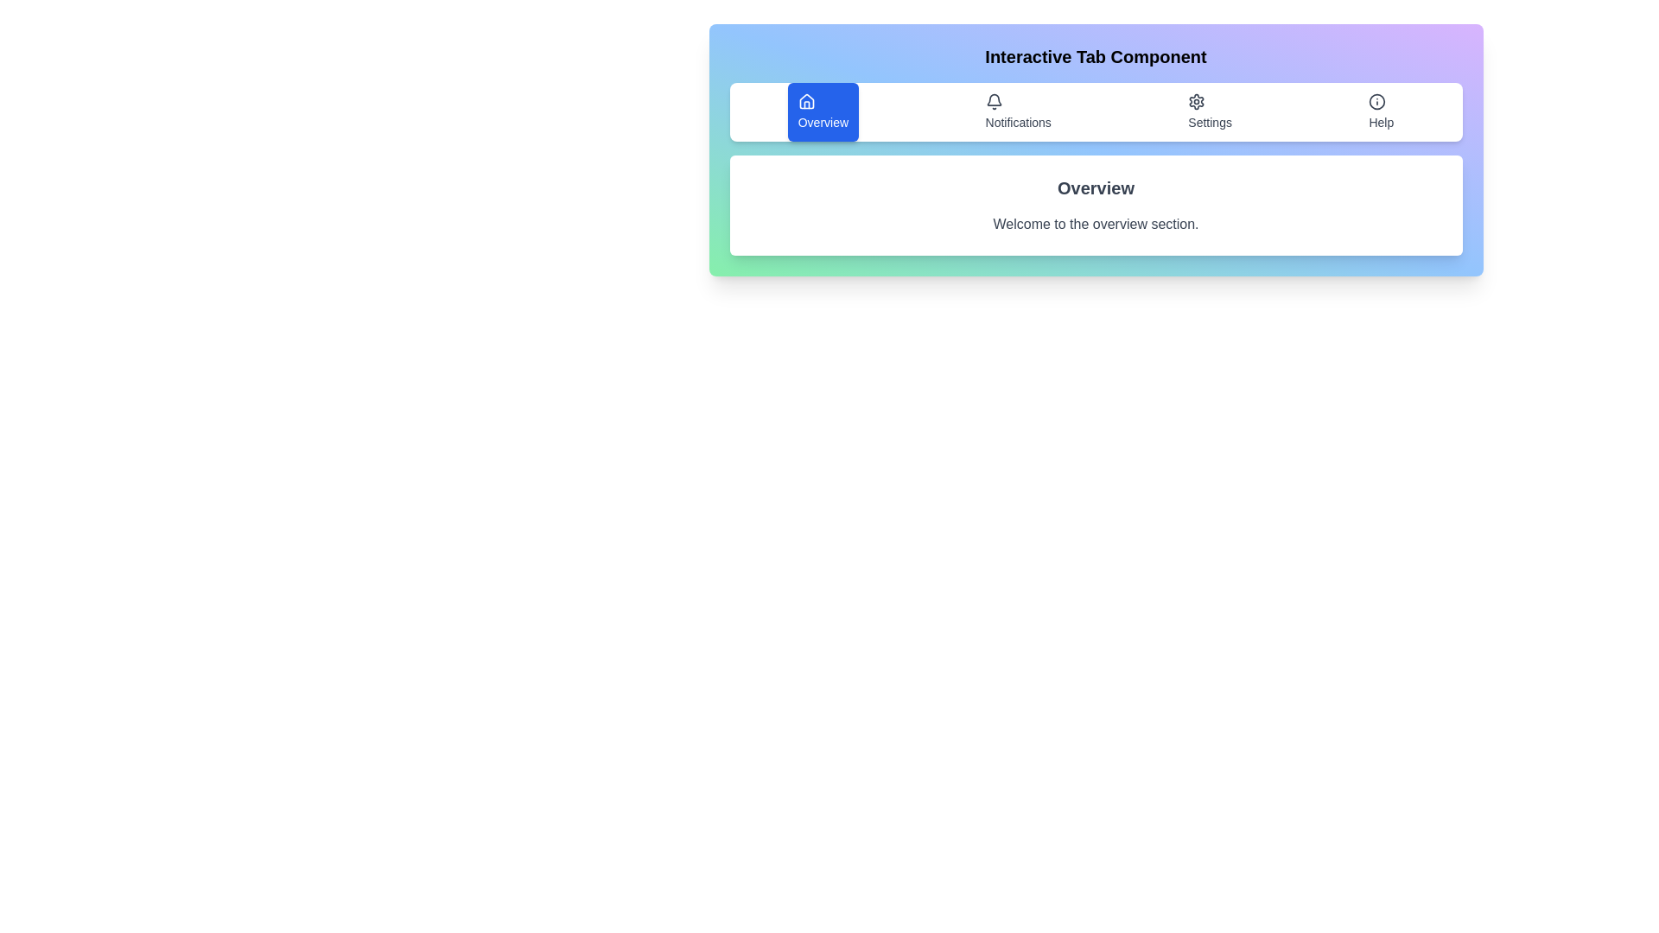 This screenshot has width=1659, height=933. Describe the element at coordinates (1380, 112) in the screenshot. I see `the tab labeled Help` at that location.